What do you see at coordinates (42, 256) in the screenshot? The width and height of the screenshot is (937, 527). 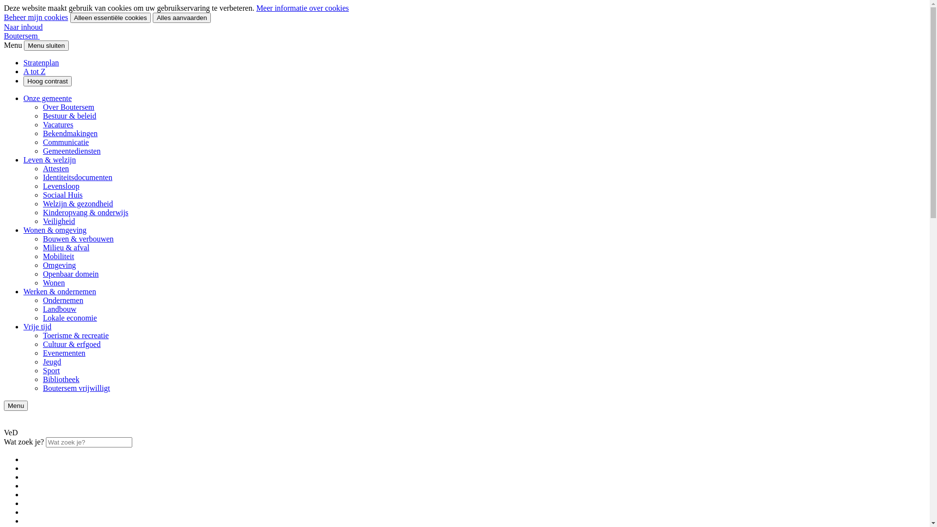 I see `'Mobiliteit'` at bounding box center [42, 256].